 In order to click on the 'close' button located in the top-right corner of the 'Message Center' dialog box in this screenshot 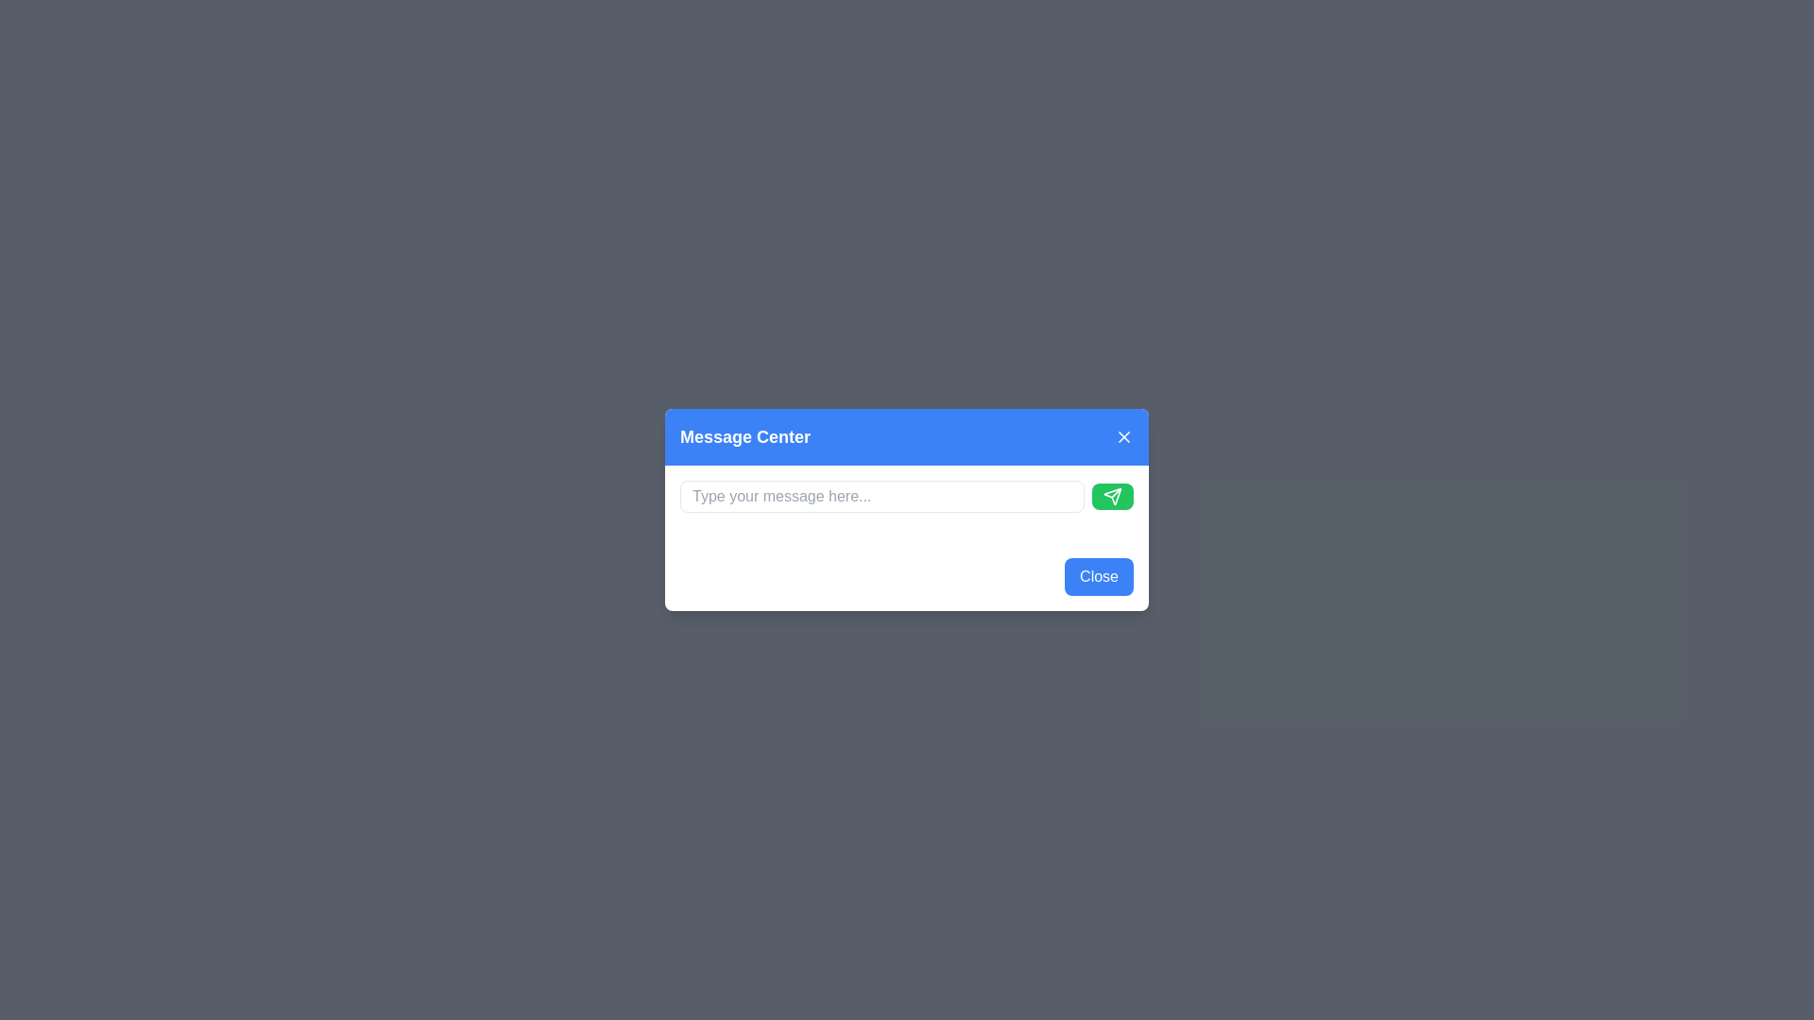, I will do `click(1124, 436)`.